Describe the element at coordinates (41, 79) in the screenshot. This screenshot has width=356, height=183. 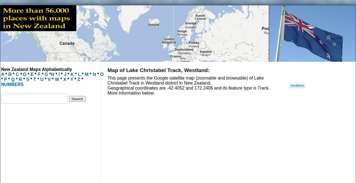
I see `'U'` at that location.